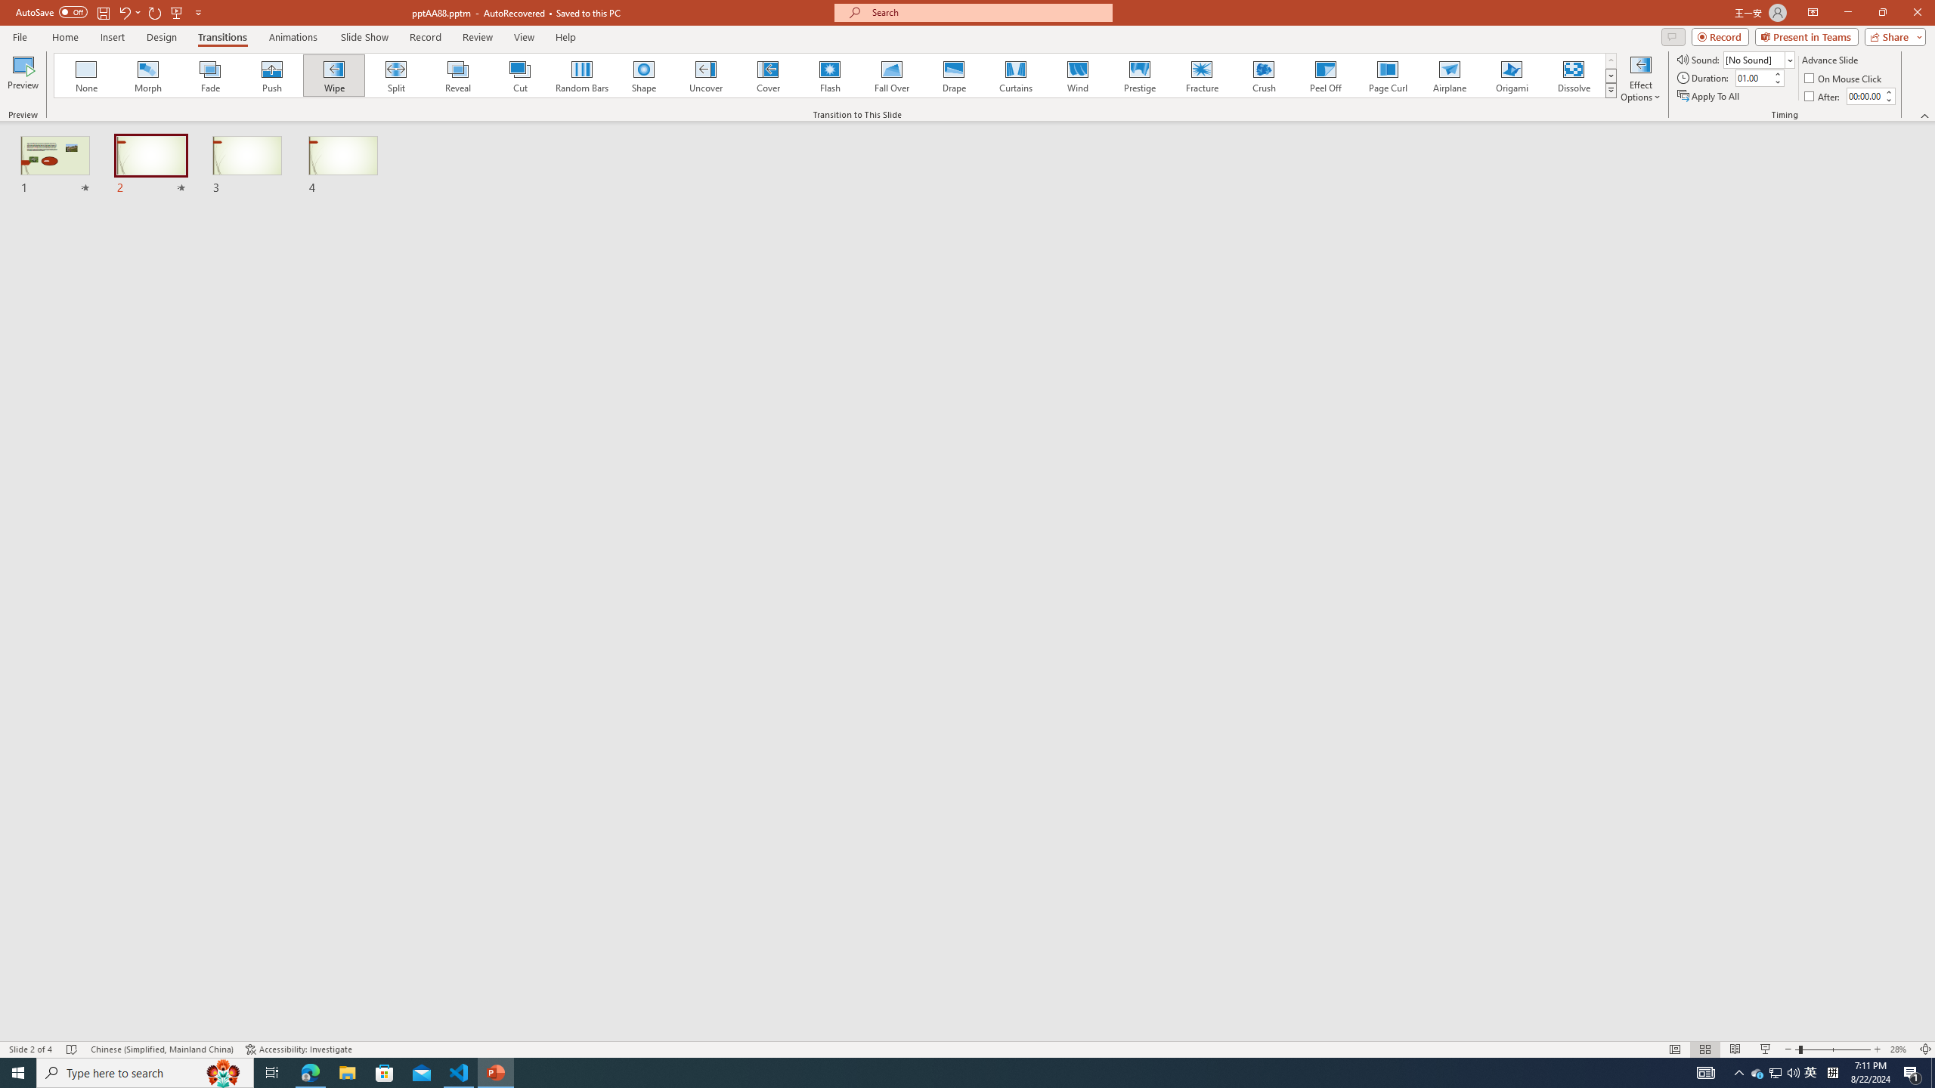 Image resolution: width=1935 pixels, height=1088 pixels. I want to click on 'Airplane', so click(1448, 75).